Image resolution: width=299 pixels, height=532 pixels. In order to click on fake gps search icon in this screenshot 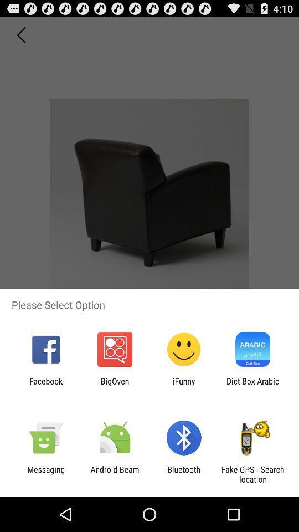, I will do `click(252, 474)`.